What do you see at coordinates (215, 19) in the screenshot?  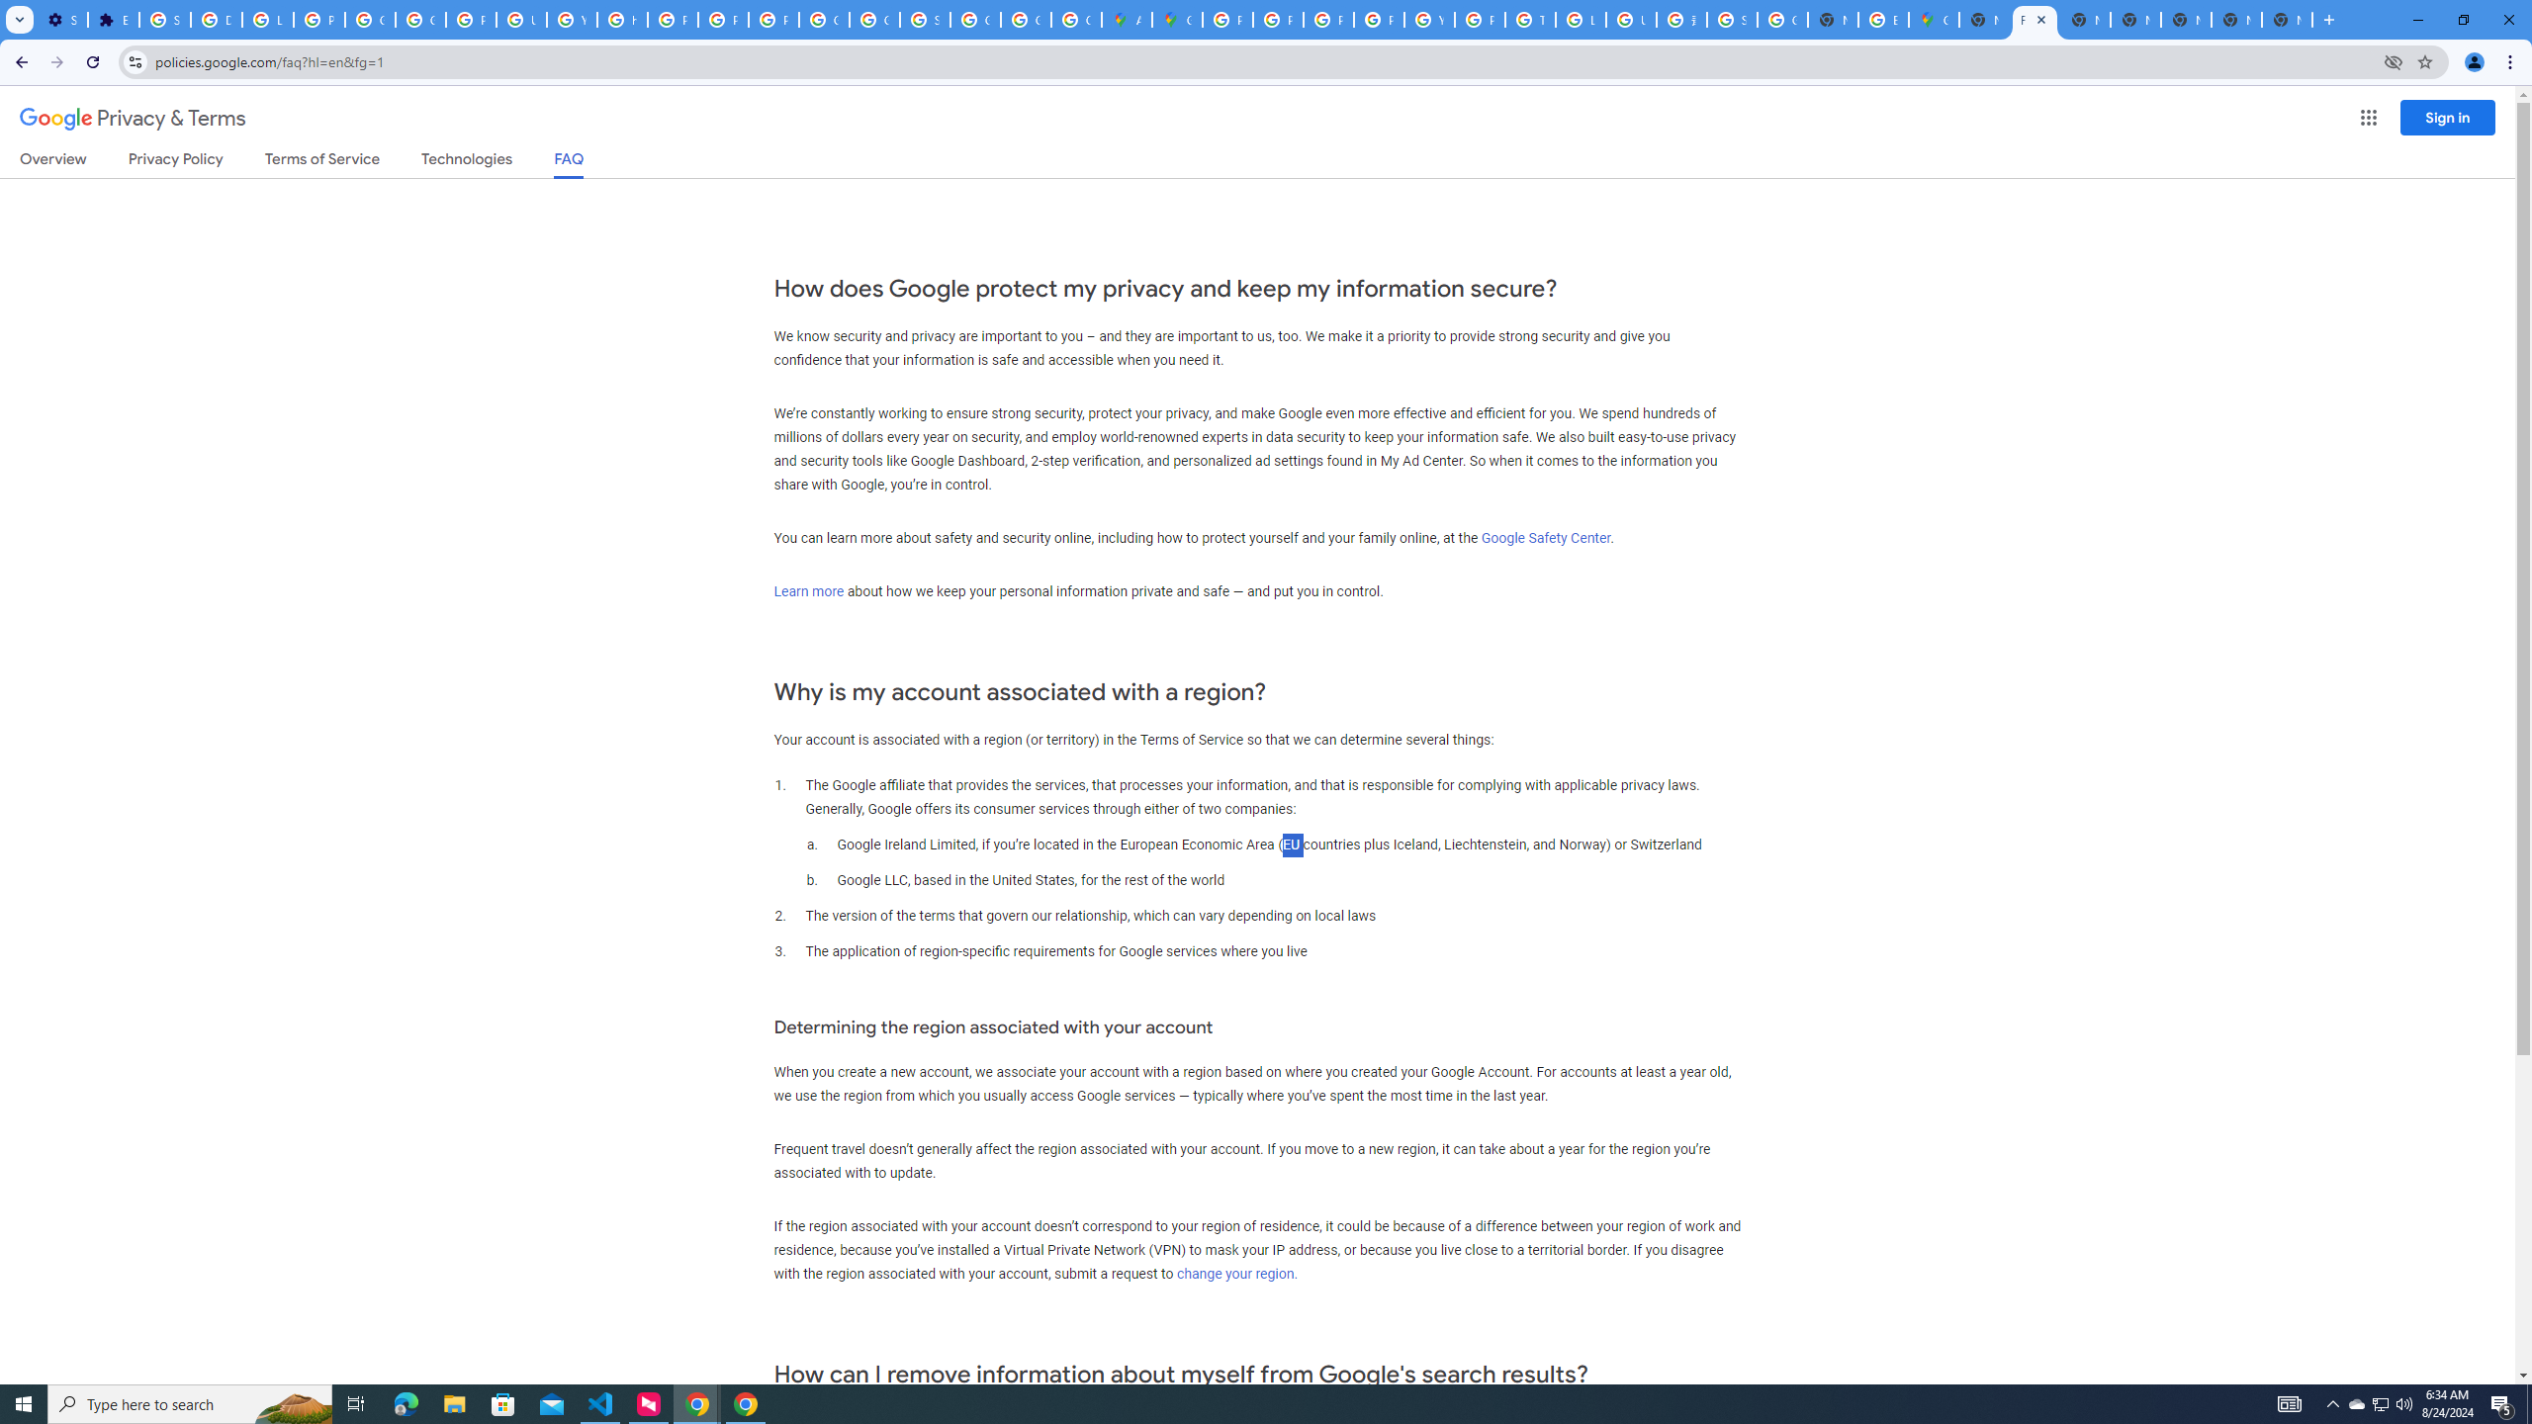 I see `'Delete photos & videos - Computer - Google Photos Help'` at bounding box center [215, 19].